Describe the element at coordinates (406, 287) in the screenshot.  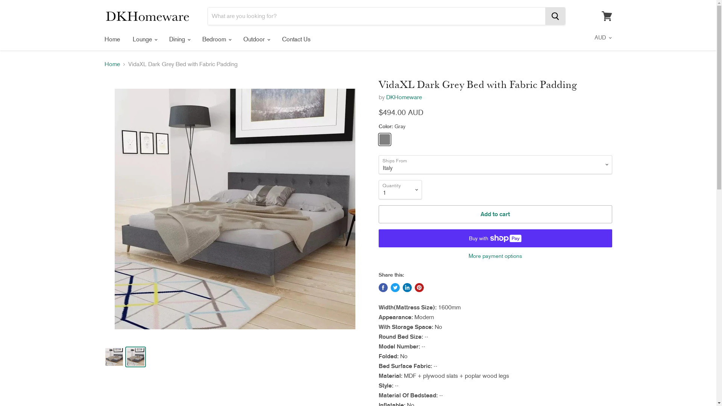
I see `'Share on LinkedIn'` at that location.